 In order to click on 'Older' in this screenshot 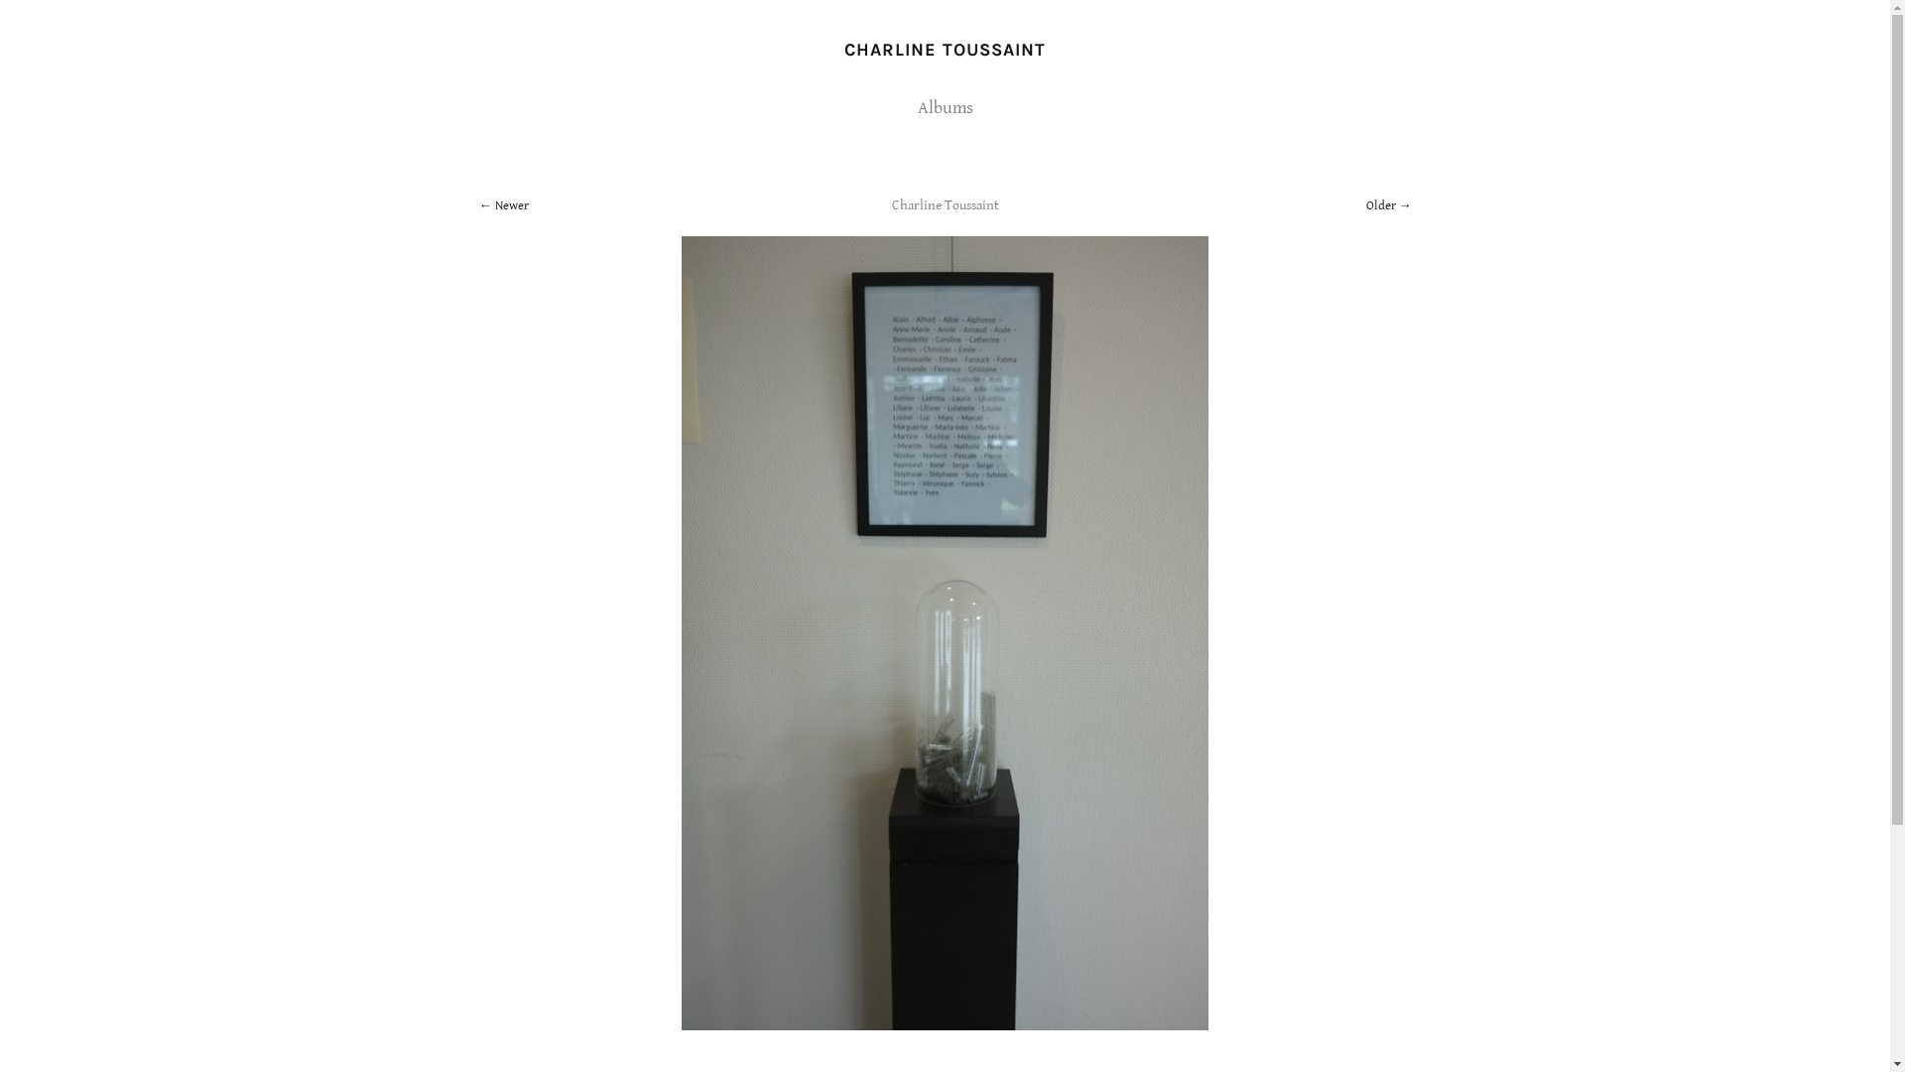, I will do `click(1386, 205)`.